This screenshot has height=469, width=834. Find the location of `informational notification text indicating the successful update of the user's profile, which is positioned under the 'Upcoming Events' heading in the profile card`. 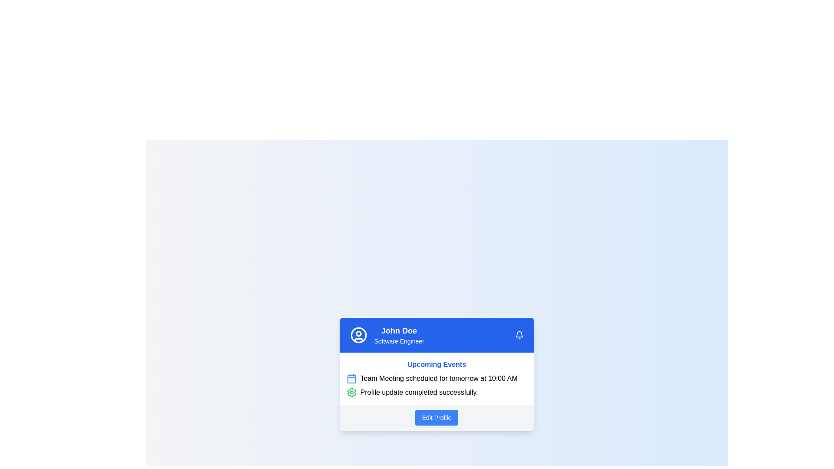

informational notification text indicating the successful update of the user's profile, which is positioned under the 'Upcoming Events' heading in the profile card is located at coordinates (437, 392).